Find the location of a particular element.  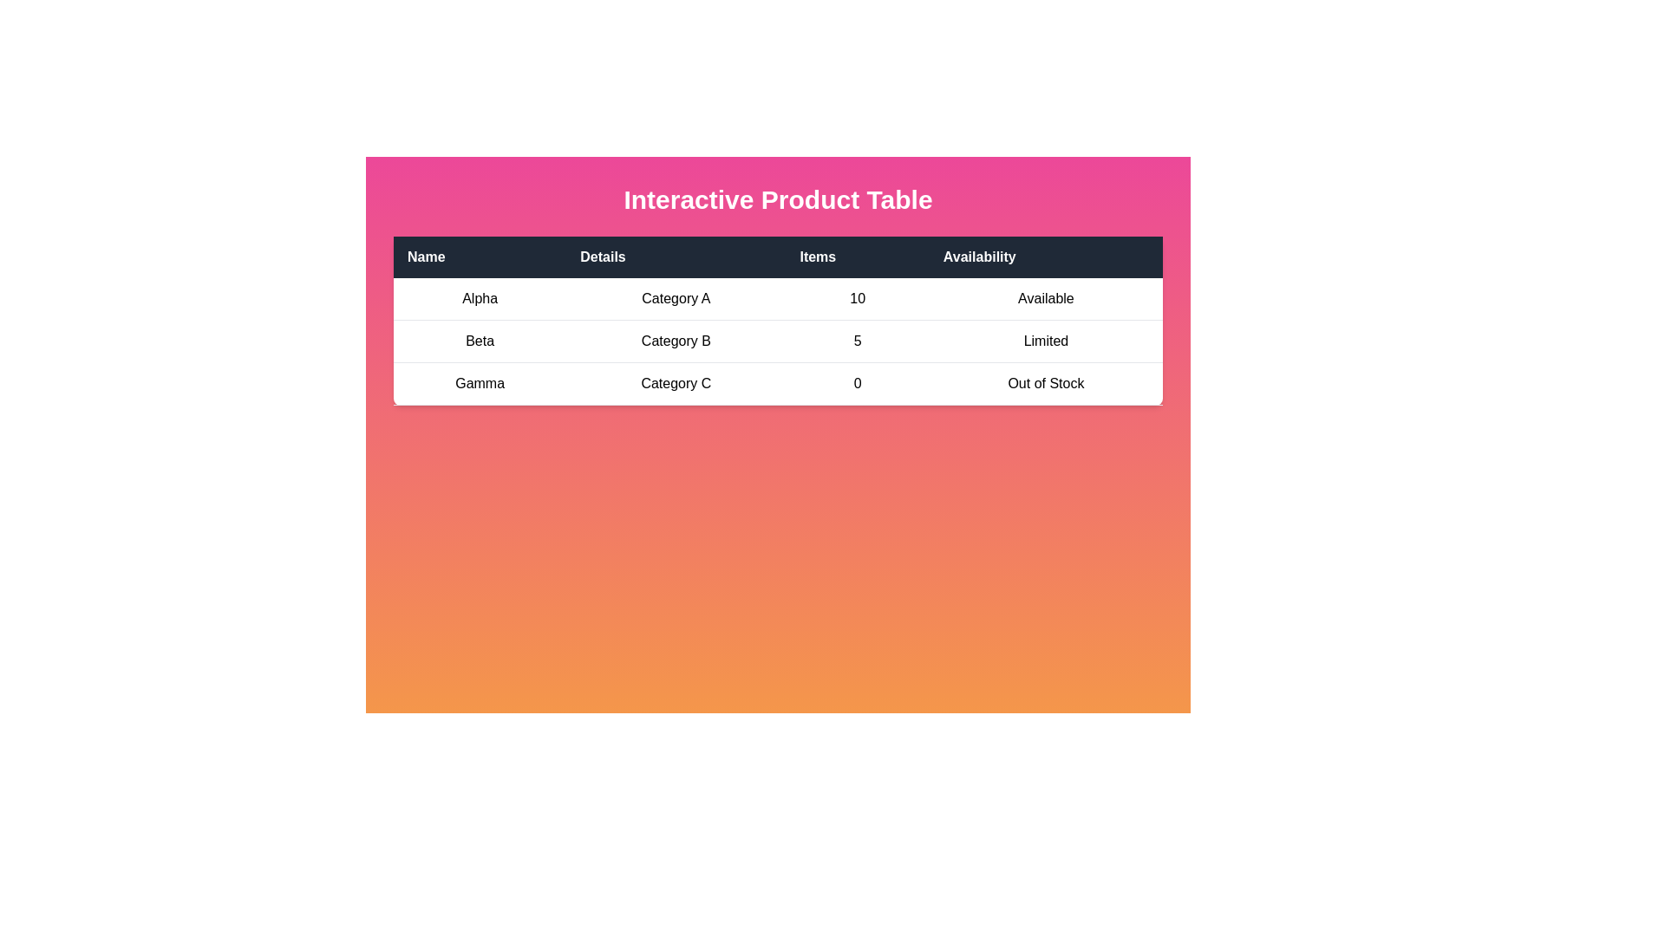

the text label displaying 'Limited' in the fourth column of the second row of the table is located at coordinates (1045, 341).